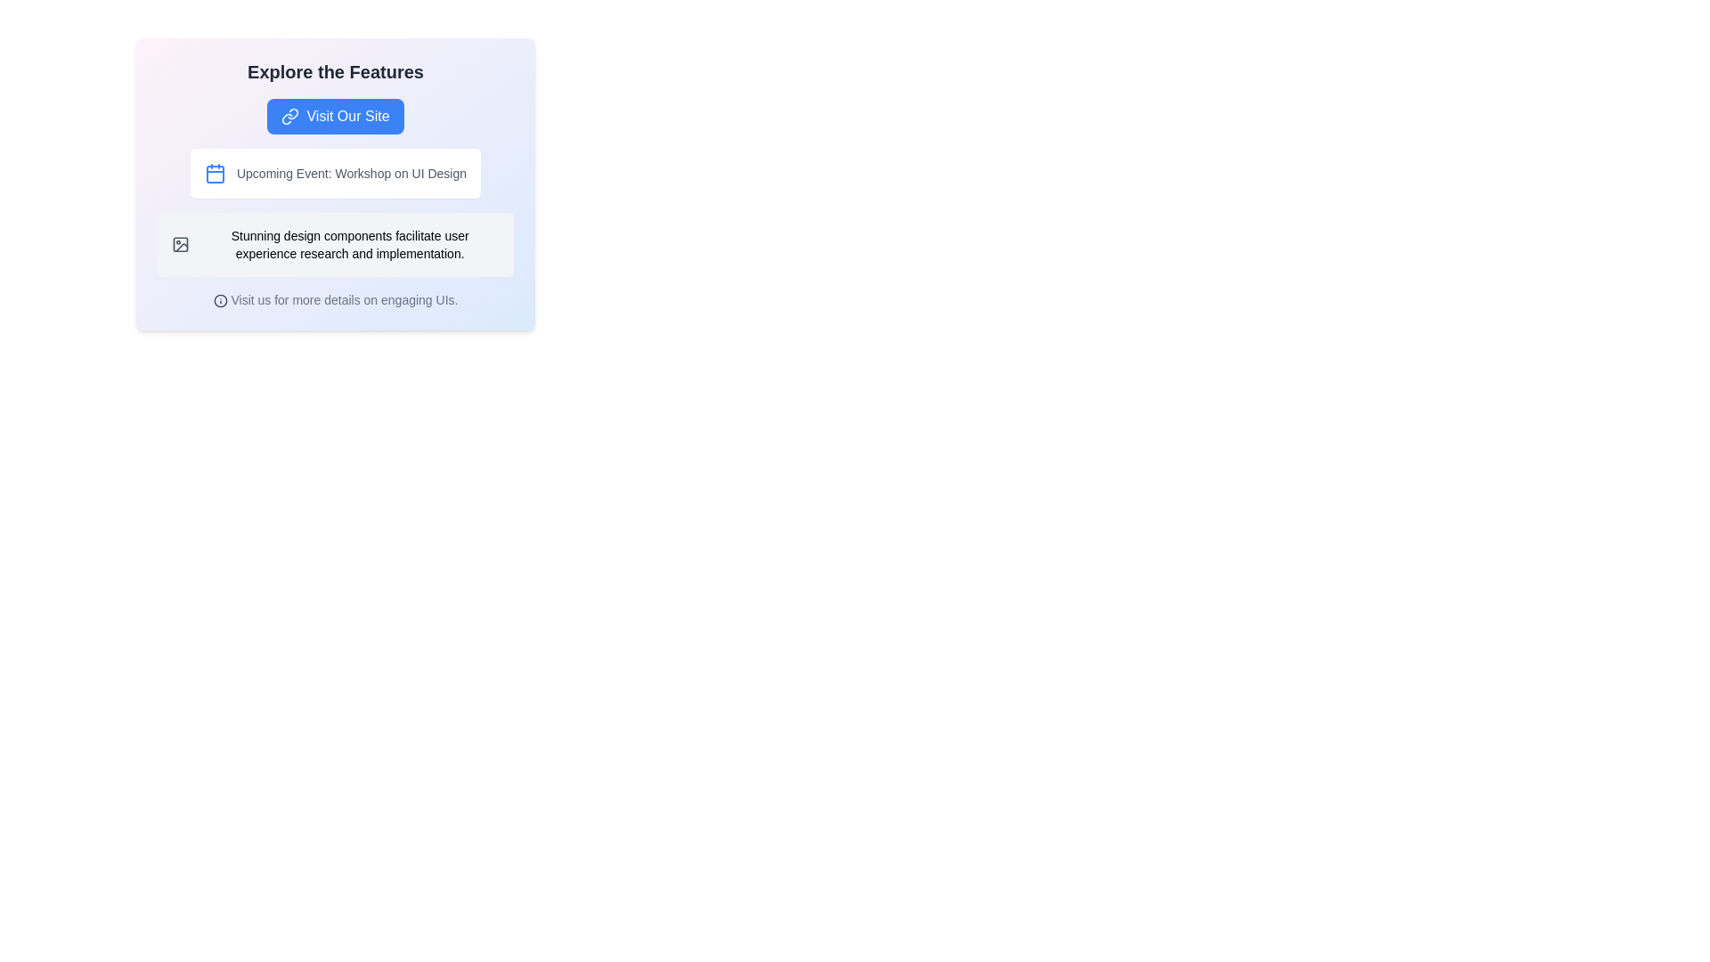 The image size is (1710, 962). I want to click on the heading that displays 'Explore the Features' in bold, large dark gray text, located at the top of a light-colored gradient card layout, so click(336, 71).